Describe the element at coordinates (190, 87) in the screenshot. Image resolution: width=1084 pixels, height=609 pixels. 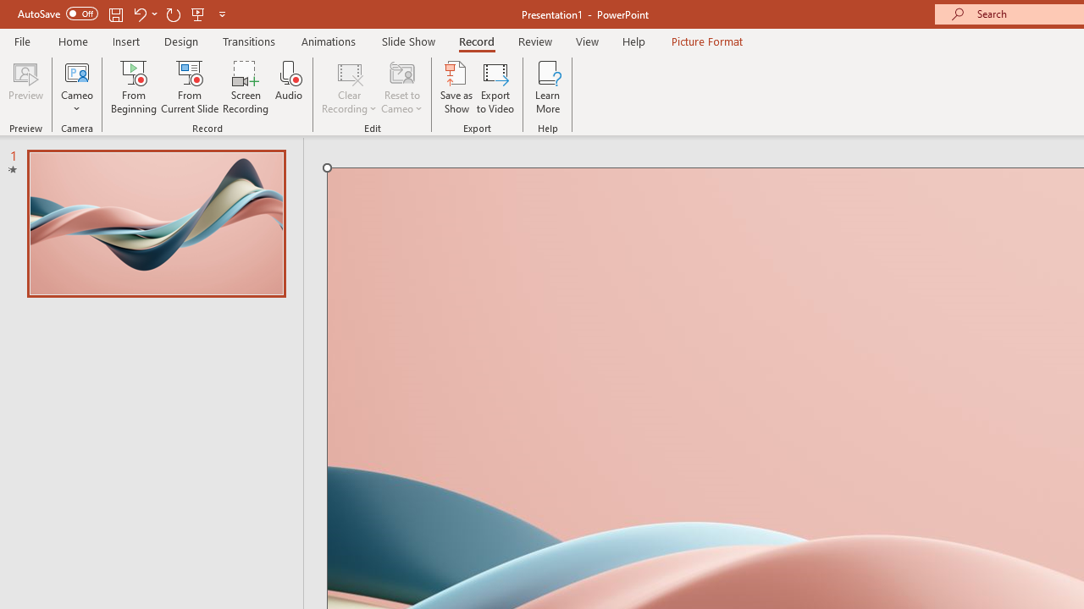
I see `'From Current Slide...'` at that location.